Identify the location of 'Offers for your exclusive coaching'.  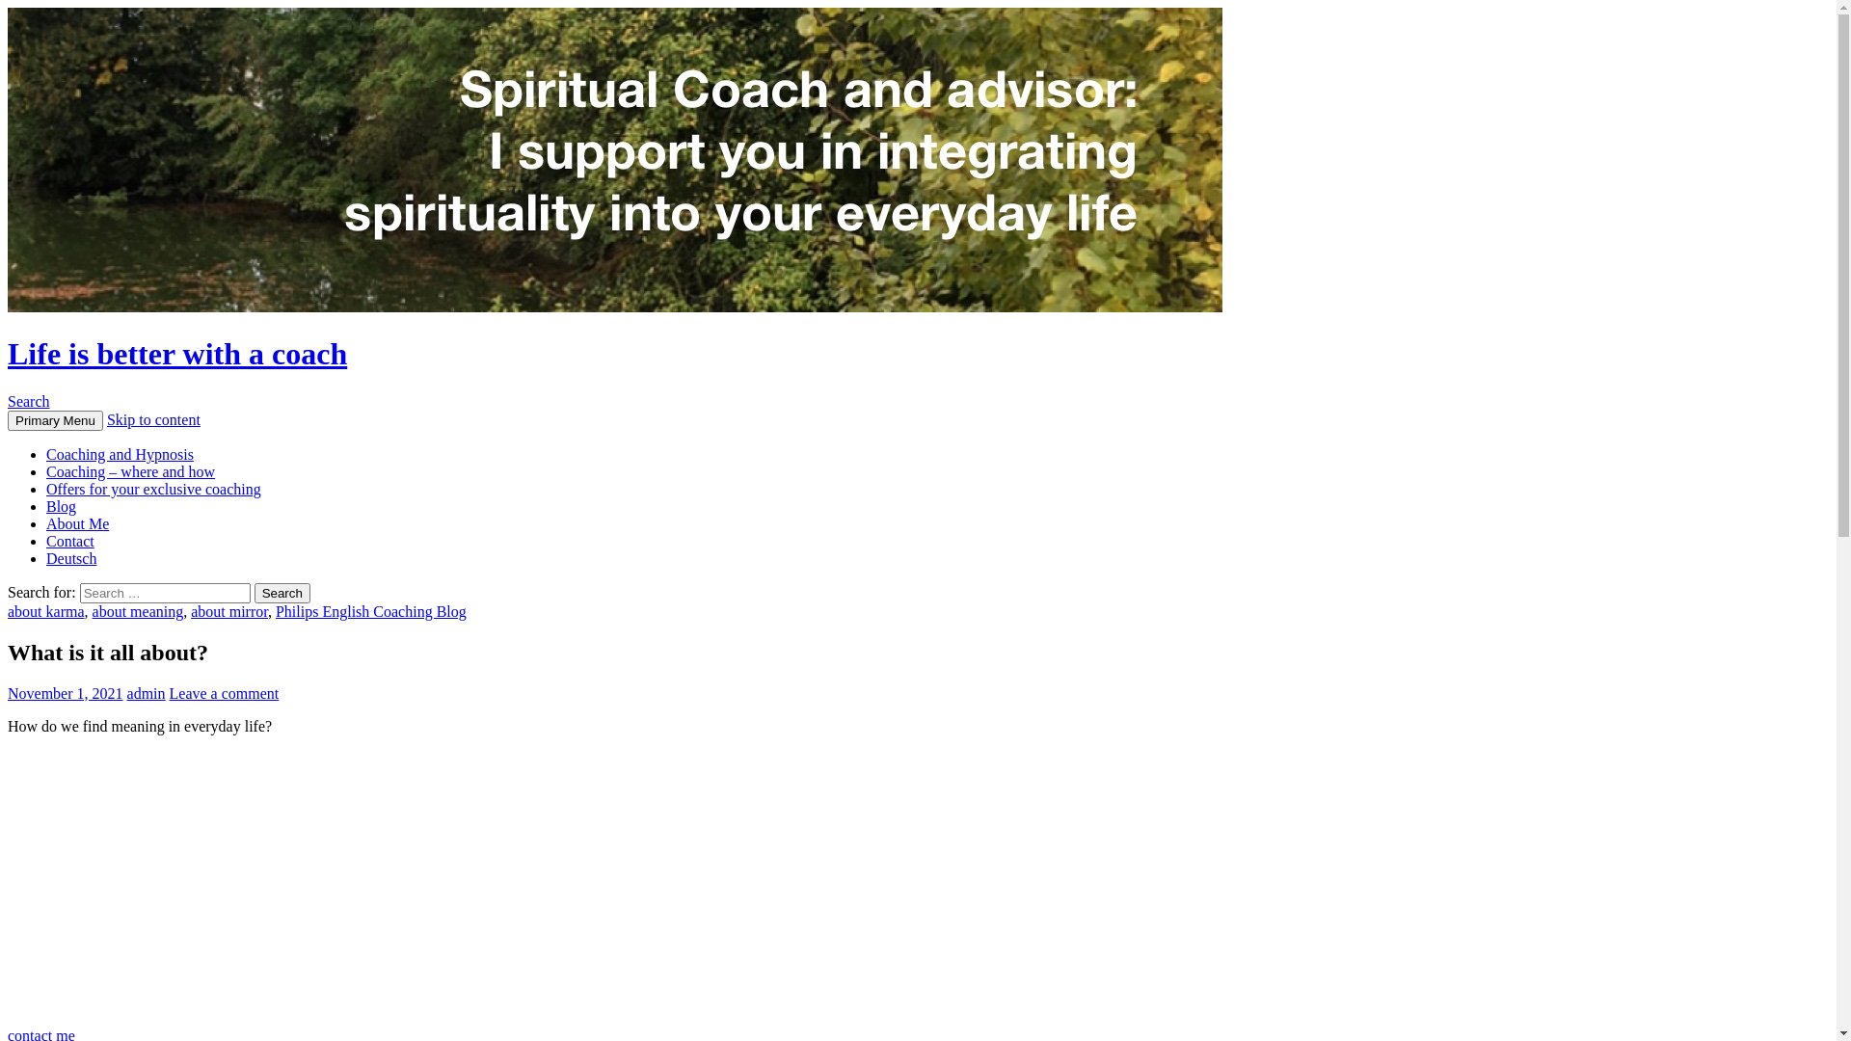
(152, 488).